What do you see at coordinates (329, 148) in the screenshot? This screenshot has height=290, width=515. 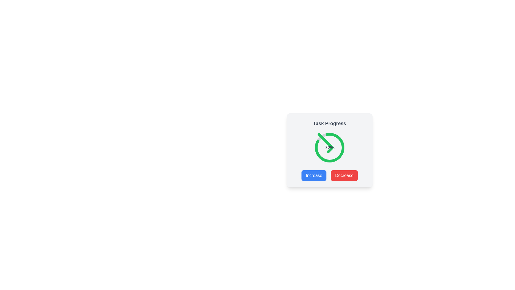 I see `the Circular Indicator, which is a circular component with a dark border and unfilled space, serving as a progress indicator located at the center of the panel above the 'Increase' and 'Decrease' buttons` at bounding box center [329, 148].